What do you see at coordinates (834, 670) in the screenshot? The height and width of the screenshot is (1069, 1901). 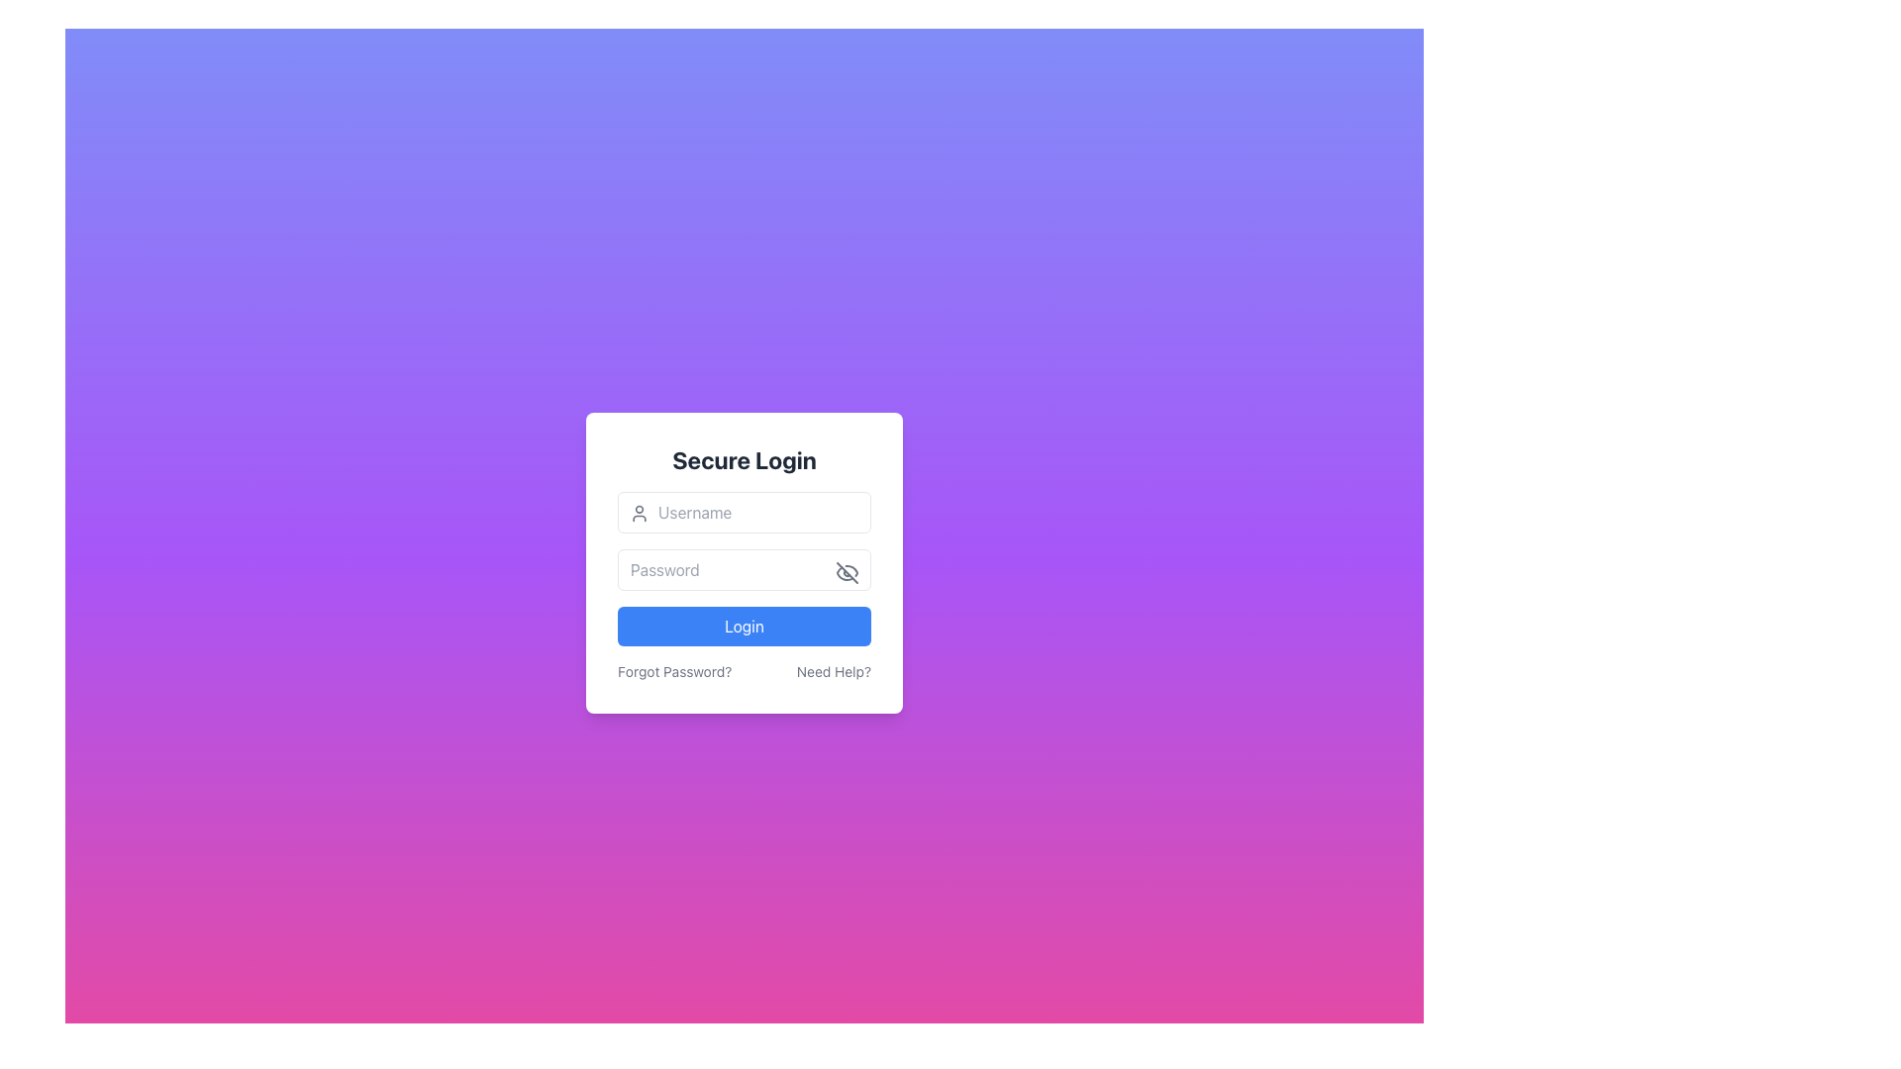 I see `the hyperlink that redirects to the help or support page, positioned at the bottom-right of the login form, following 'Forgot Password?'` at bounding box center [834, 670].